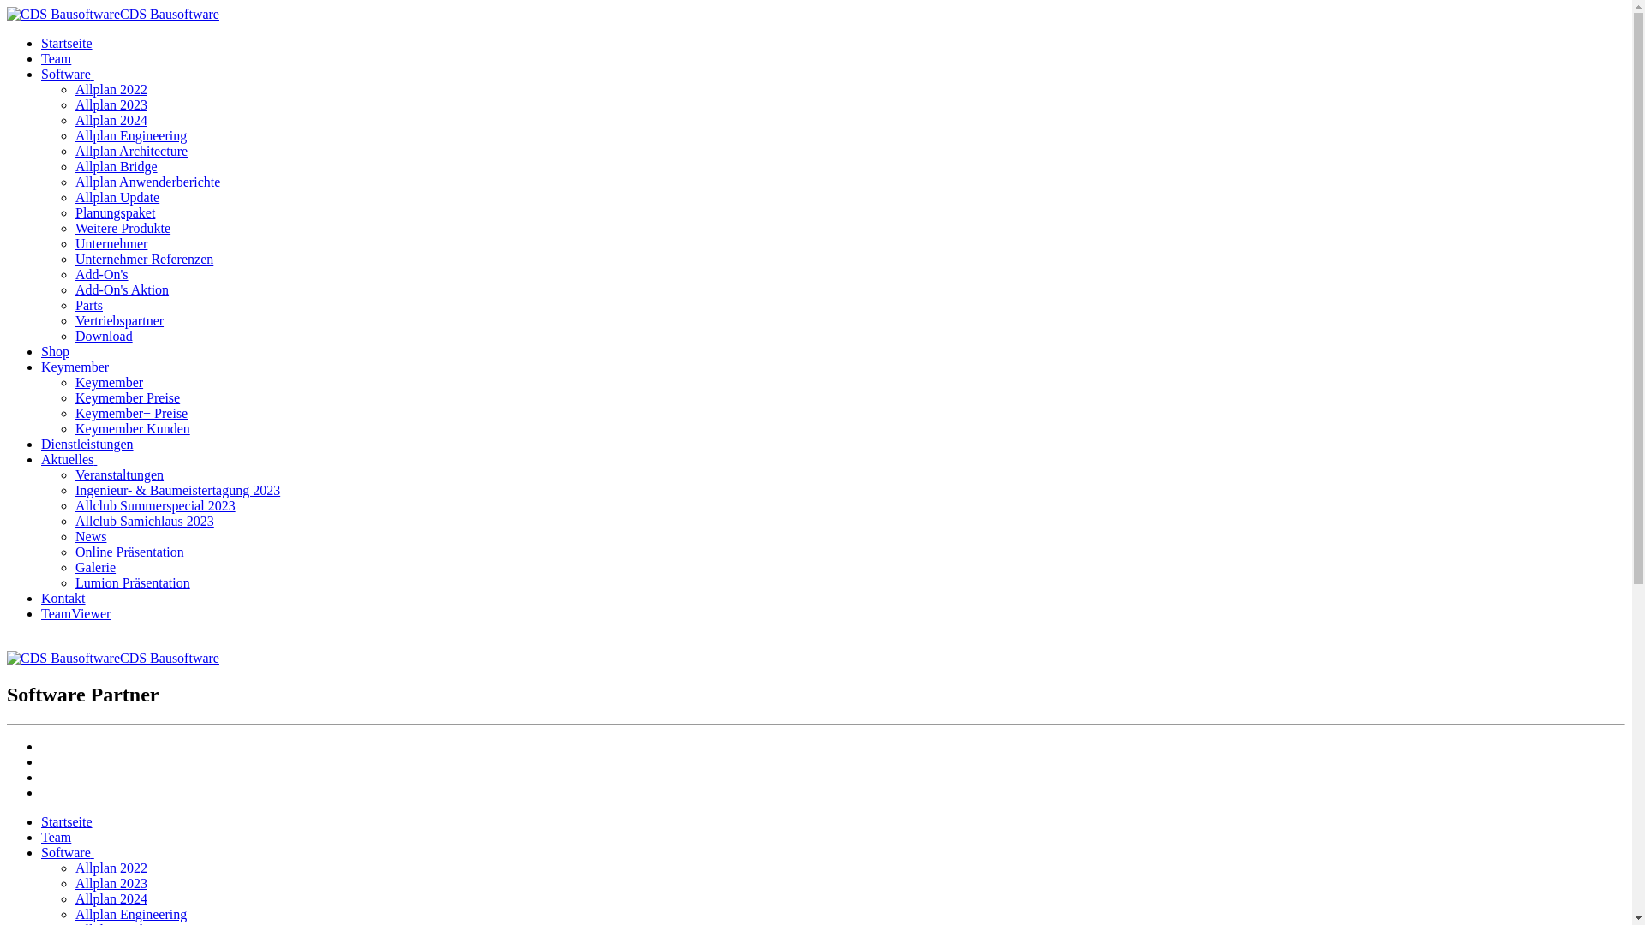 Image resolution: width=1645 pixels, height=925 pixels. Describe the element at coordinates (74, 397) in the screenshot. I see `'Keymember Preise'` at that location.